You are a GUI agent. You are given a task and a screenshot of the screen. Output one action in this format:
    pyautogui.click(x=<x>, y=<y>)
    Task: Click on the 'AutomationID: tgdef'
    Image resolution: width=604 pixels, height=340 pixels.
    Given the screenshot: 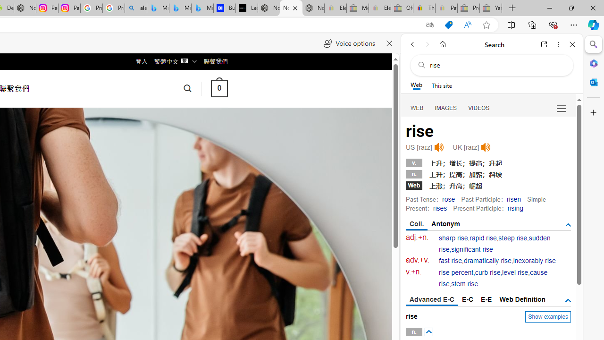 What is the action you would take?
    pyautogui.click(x=567, y=300)
    